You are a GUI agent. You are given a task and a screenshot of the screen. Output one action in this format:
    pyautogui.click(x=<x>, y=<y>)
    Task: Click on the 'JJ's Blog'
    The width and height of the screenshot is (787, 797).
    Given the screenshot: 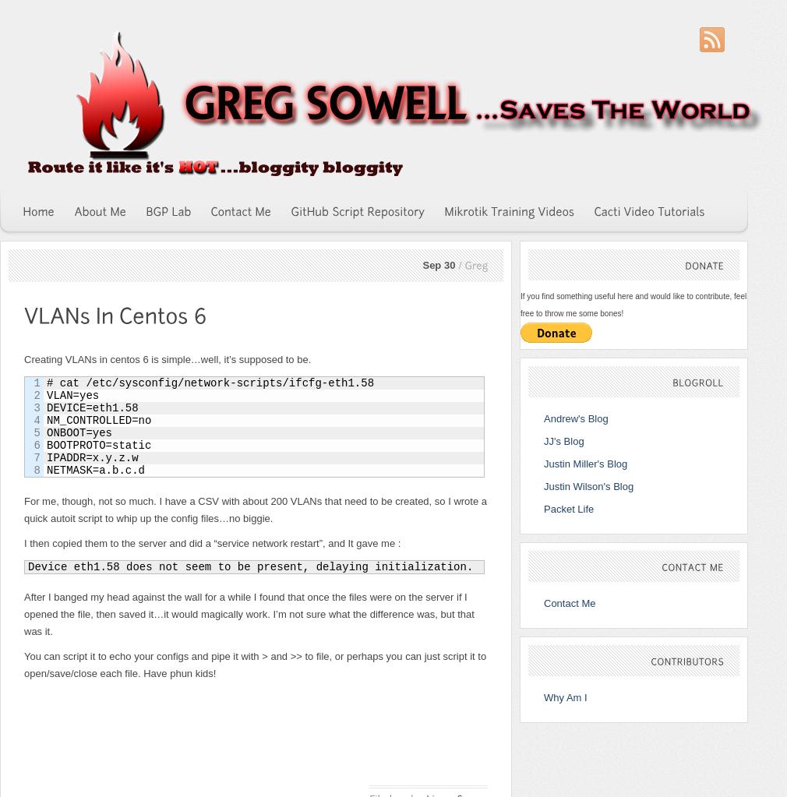 What is the action you would take?
    pyautogui.click(x=563, y=441)
    